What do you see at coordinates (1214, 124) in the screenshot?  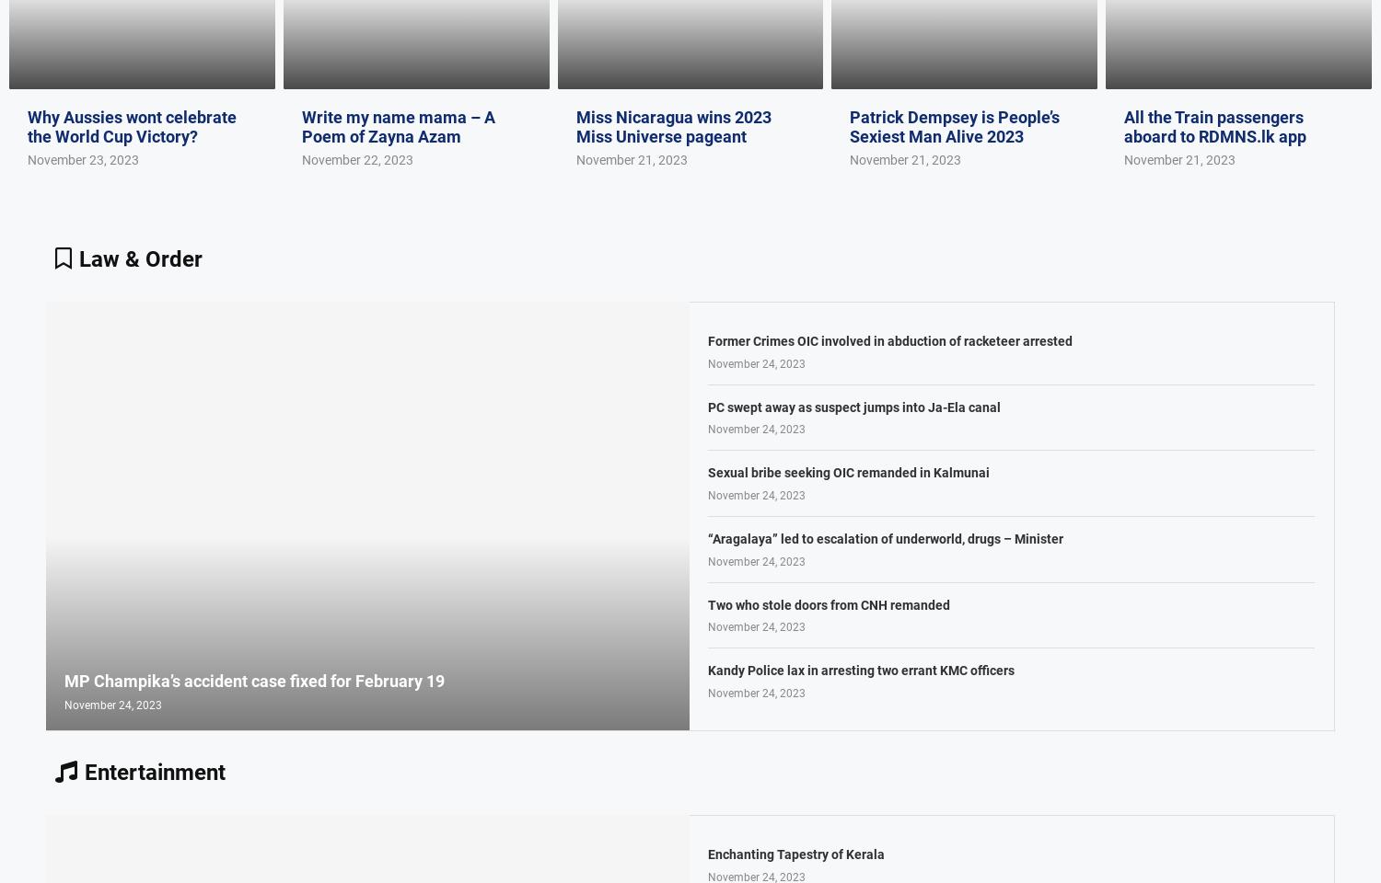 I see `'All the Train passengers aboard to RDMNS.lk app'` at bounding box center [1214, 124].